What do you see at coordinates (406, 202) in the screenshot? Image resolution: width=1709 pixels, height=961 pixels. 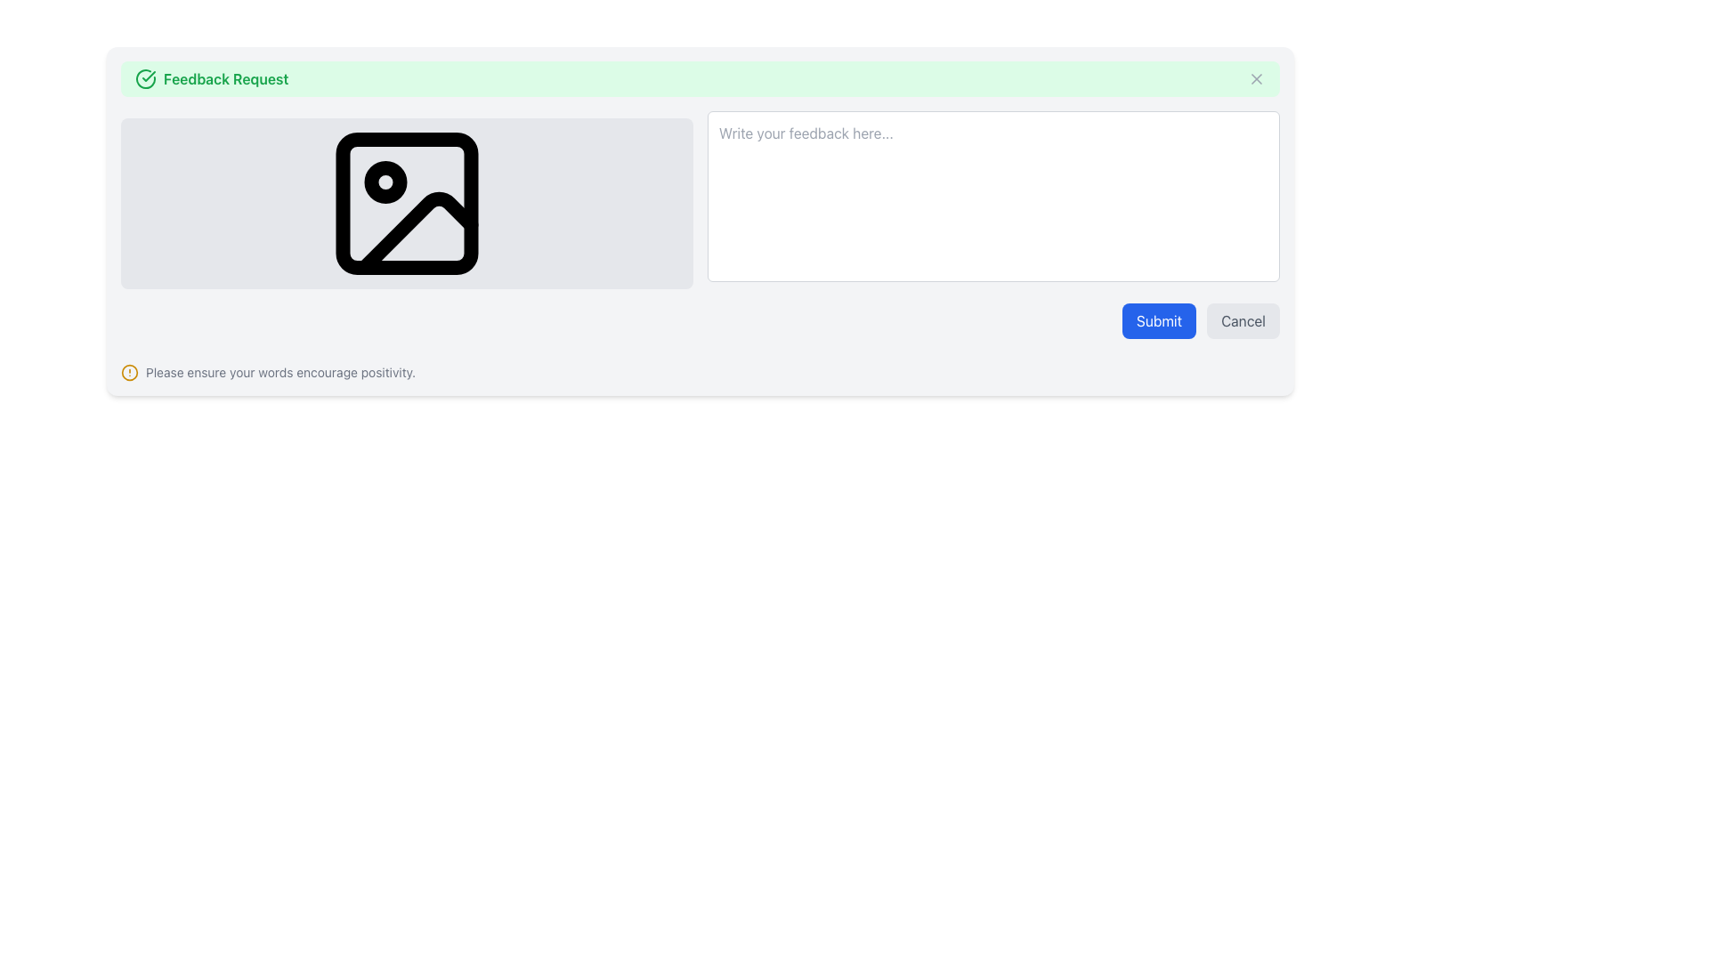 I see `the SVG shape component, which is a square with rounded corners located at the top left corner of the photograph icon within the feedback pane` at bounding box center [406, 202].